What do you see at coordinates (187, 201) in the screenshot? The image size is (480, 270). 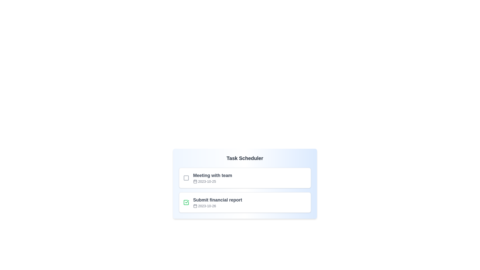 I see `the checkmark icon indicating the completion of the task 'Submit financial report' in the Task Scheduler list` at bounding box center [187, 201].